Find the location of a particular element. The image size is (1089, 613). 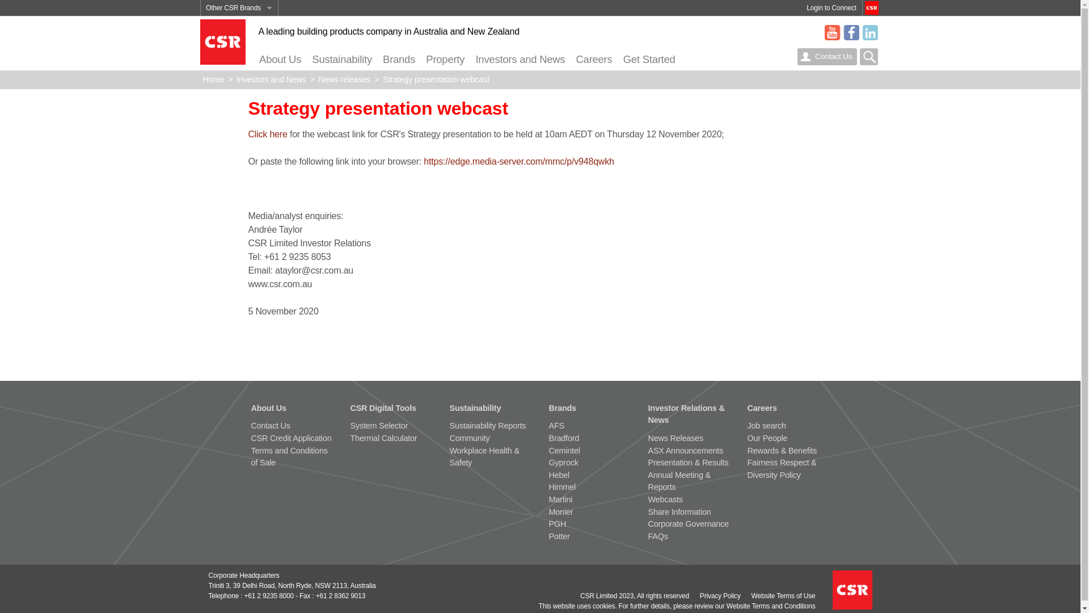

'Thermal Calculator' is located at coordinates (350, 437).